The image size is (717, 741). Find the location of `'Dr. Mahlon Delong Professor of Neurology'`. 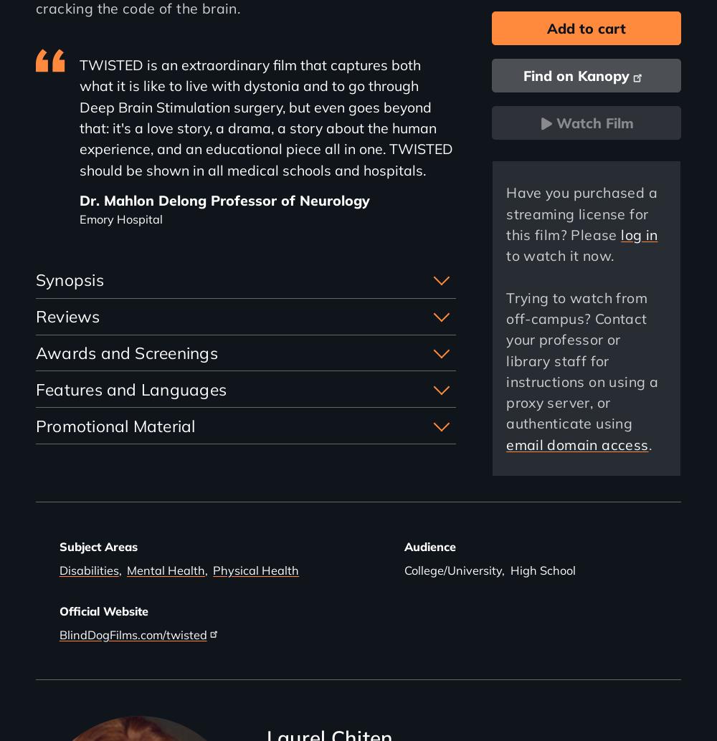

'Dr. Mahlon Delong Professor of Neurology' is located at coordinates (224, 199).